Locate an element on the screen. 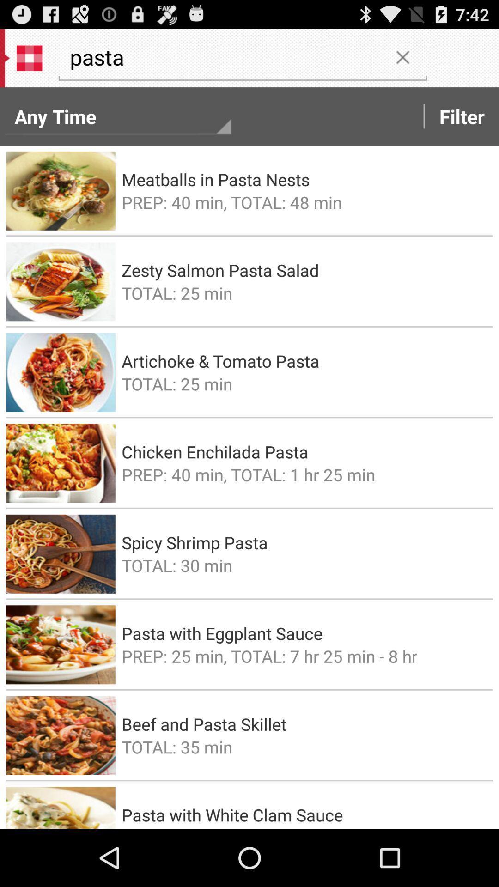  the meatballs in pasta is located at coordinates (304, 179).